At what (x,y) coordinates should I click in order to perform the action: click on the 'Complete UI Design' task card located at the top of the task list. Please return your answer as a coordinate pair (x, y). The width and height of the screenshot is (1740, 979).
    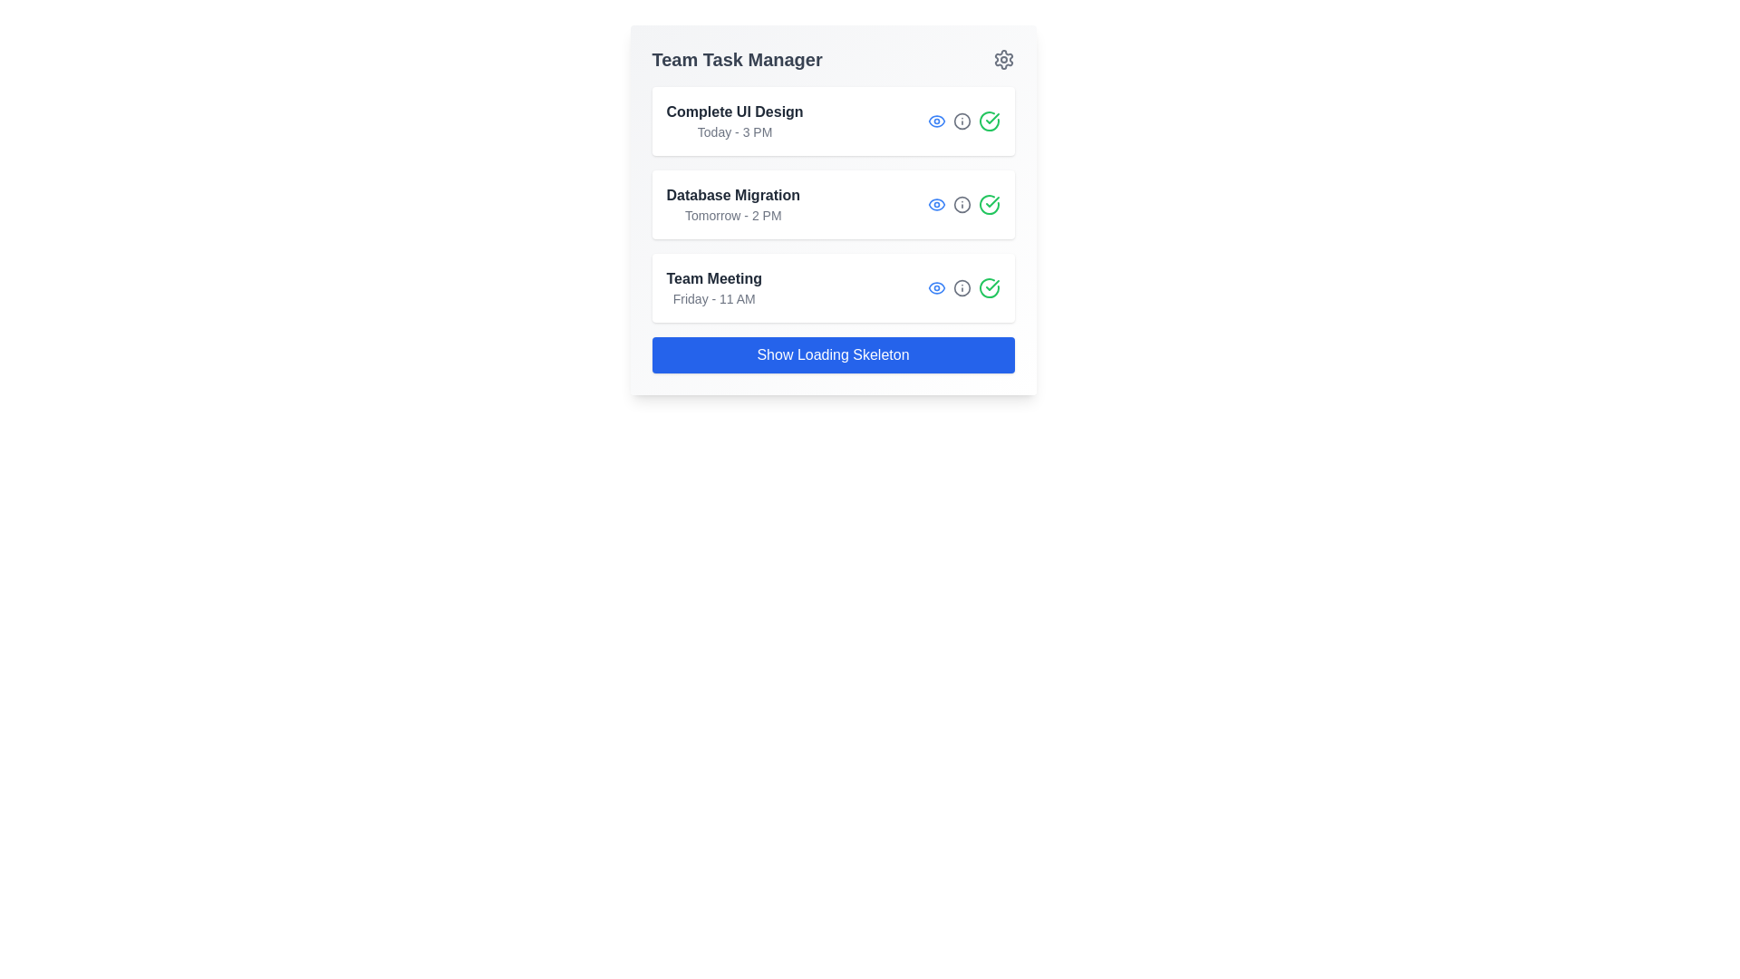
    Looking at the image, I should click on (832, 121).